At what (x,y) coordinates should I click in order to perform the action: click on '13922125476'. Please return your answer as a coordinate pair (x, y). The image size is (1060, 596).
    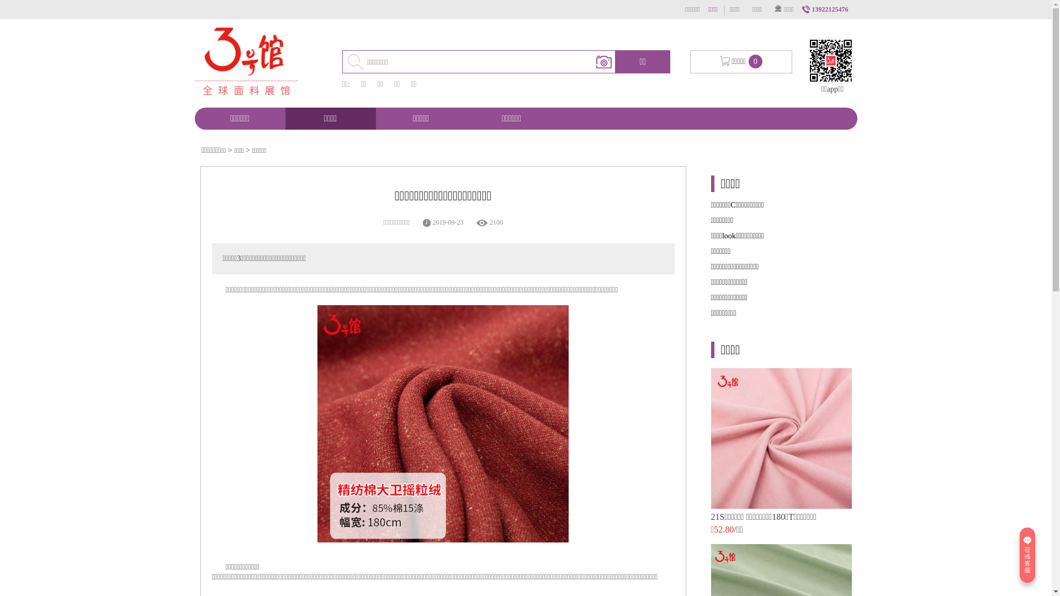
    Looking at the image, I should click on (826, 9).